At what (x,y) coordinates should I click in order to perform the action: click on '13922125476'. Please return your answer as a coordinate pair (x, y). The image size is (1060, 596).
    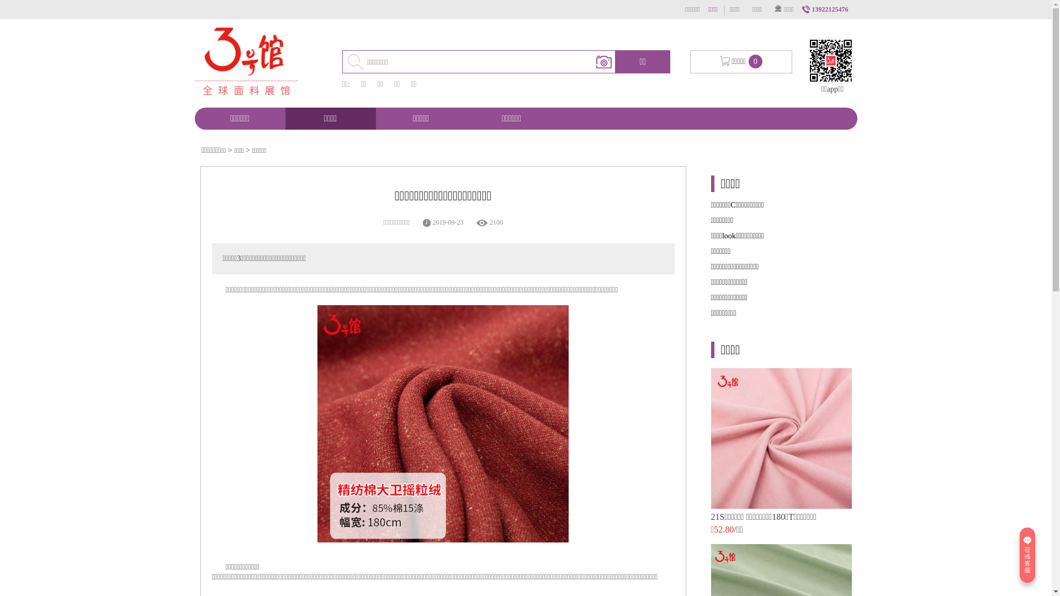
    Looking at the image, I should click on (826, 9).